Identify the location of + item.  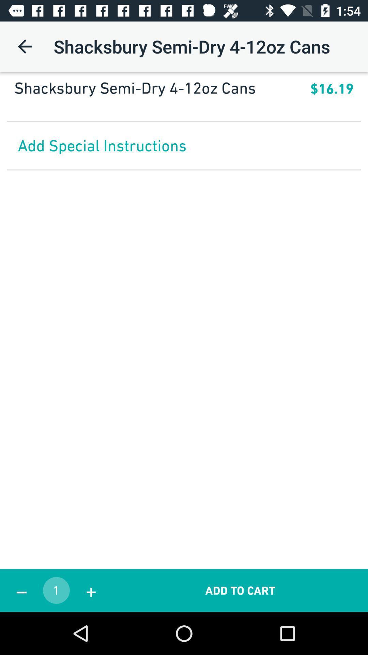
(91, 590).